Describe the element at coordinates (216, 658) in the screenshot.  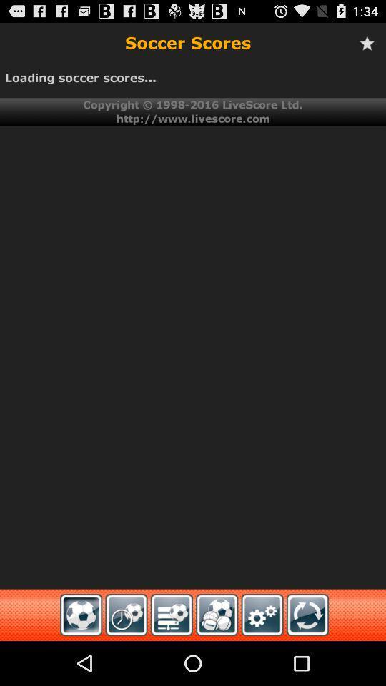
I see `the avatar icon` at that location.